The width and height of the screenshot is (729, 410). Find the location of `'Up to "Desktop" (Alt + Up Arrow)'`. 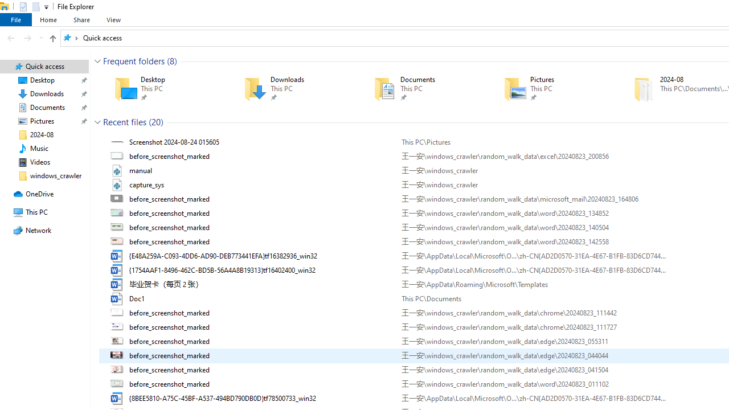

'Up to "Desktop" (Alt + Up Arrow)' is located at coordinates (52, 38).